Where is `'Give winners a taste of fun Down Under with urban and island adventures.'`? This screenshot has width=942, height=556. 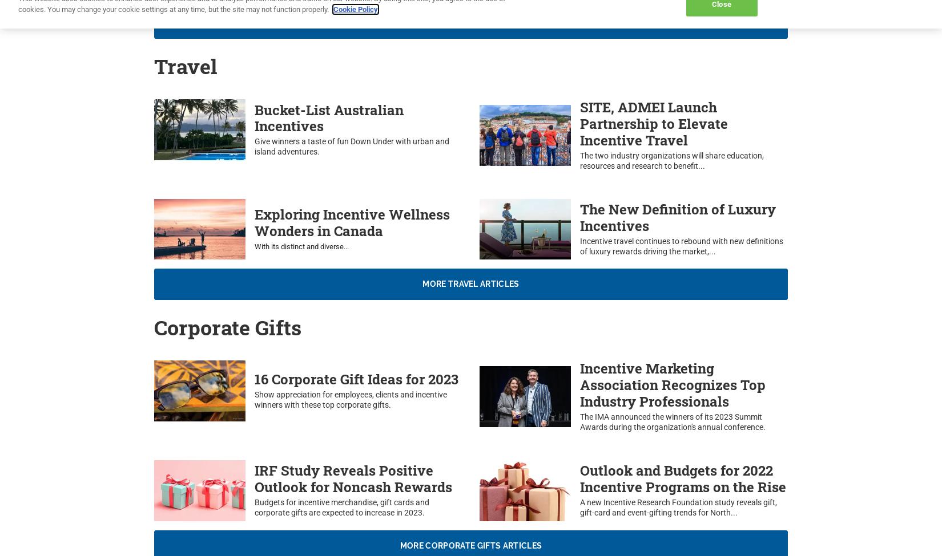
'Give winners a taste of fun Down Under with urban and island adventures.' is located at coordinates (351, 147).